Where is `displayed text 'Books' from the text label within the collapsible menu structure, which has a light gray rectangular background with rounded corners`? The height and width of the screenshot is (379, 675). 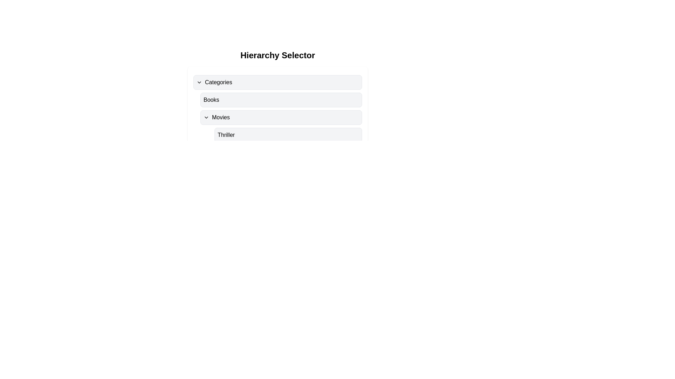
displayed text 'Books' from the text label within the collapsible menu structure, which has a light gray rectangular background with rounded corners is located at coordinates (211, 100).